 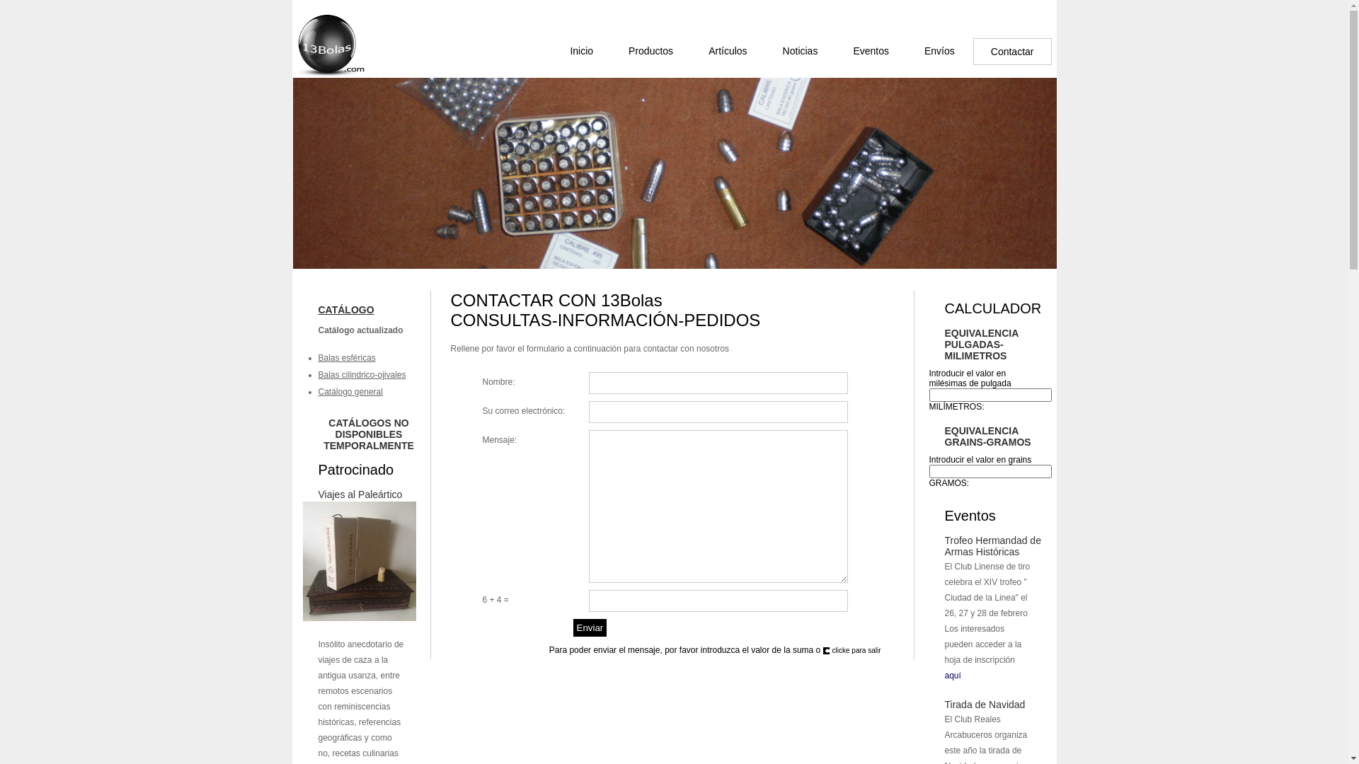 What do you see at coordinates (590, 627) in the screenshot?
I see `'Enviar'` at bounding box center [590, 627].